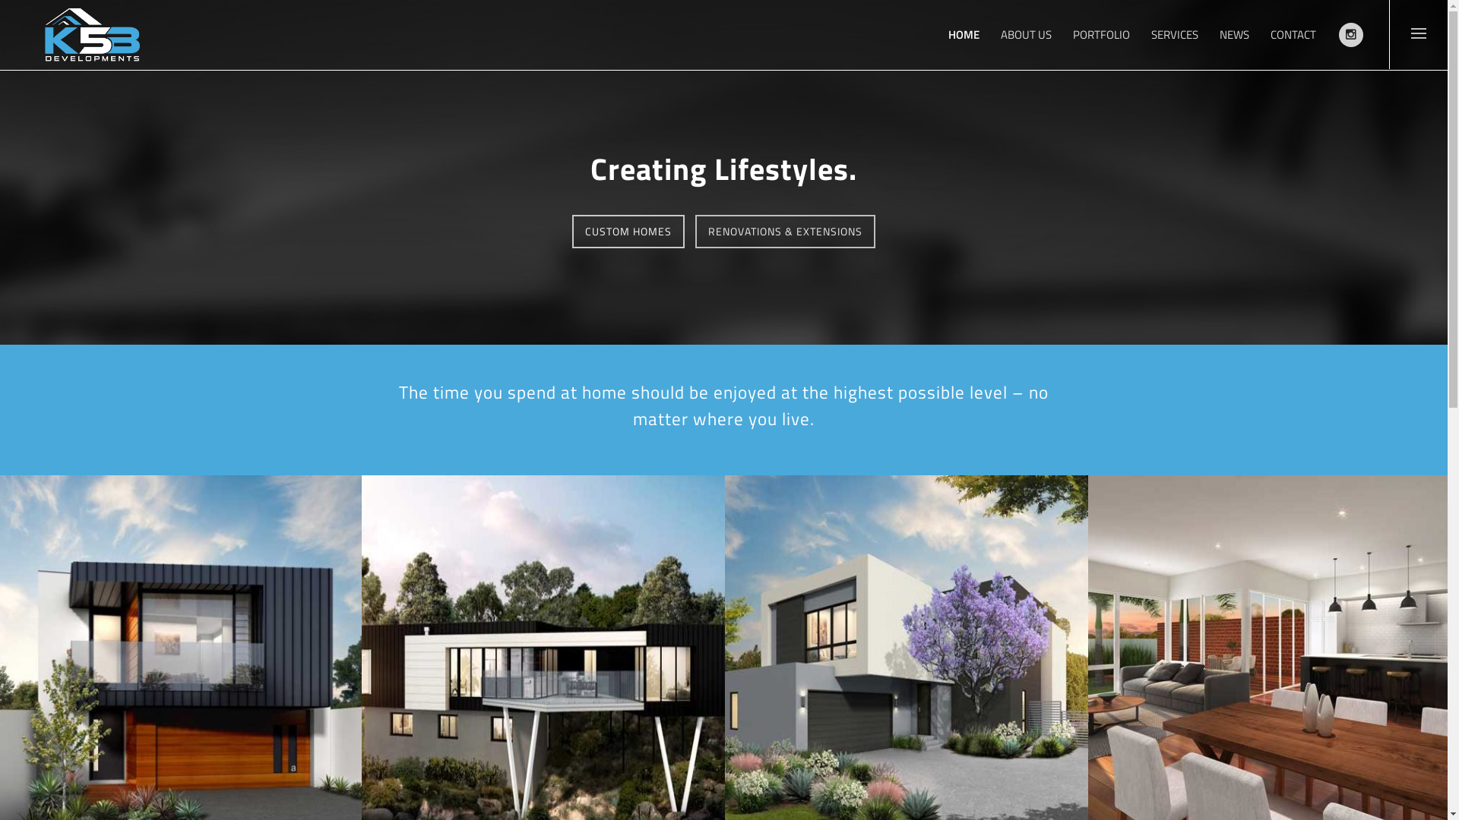 The height and width of the screenshot is (820, 1459). Describe the element at coordinates (571, 231) in the screenshot. I see `'CUSTOM HOMES'` at that location.